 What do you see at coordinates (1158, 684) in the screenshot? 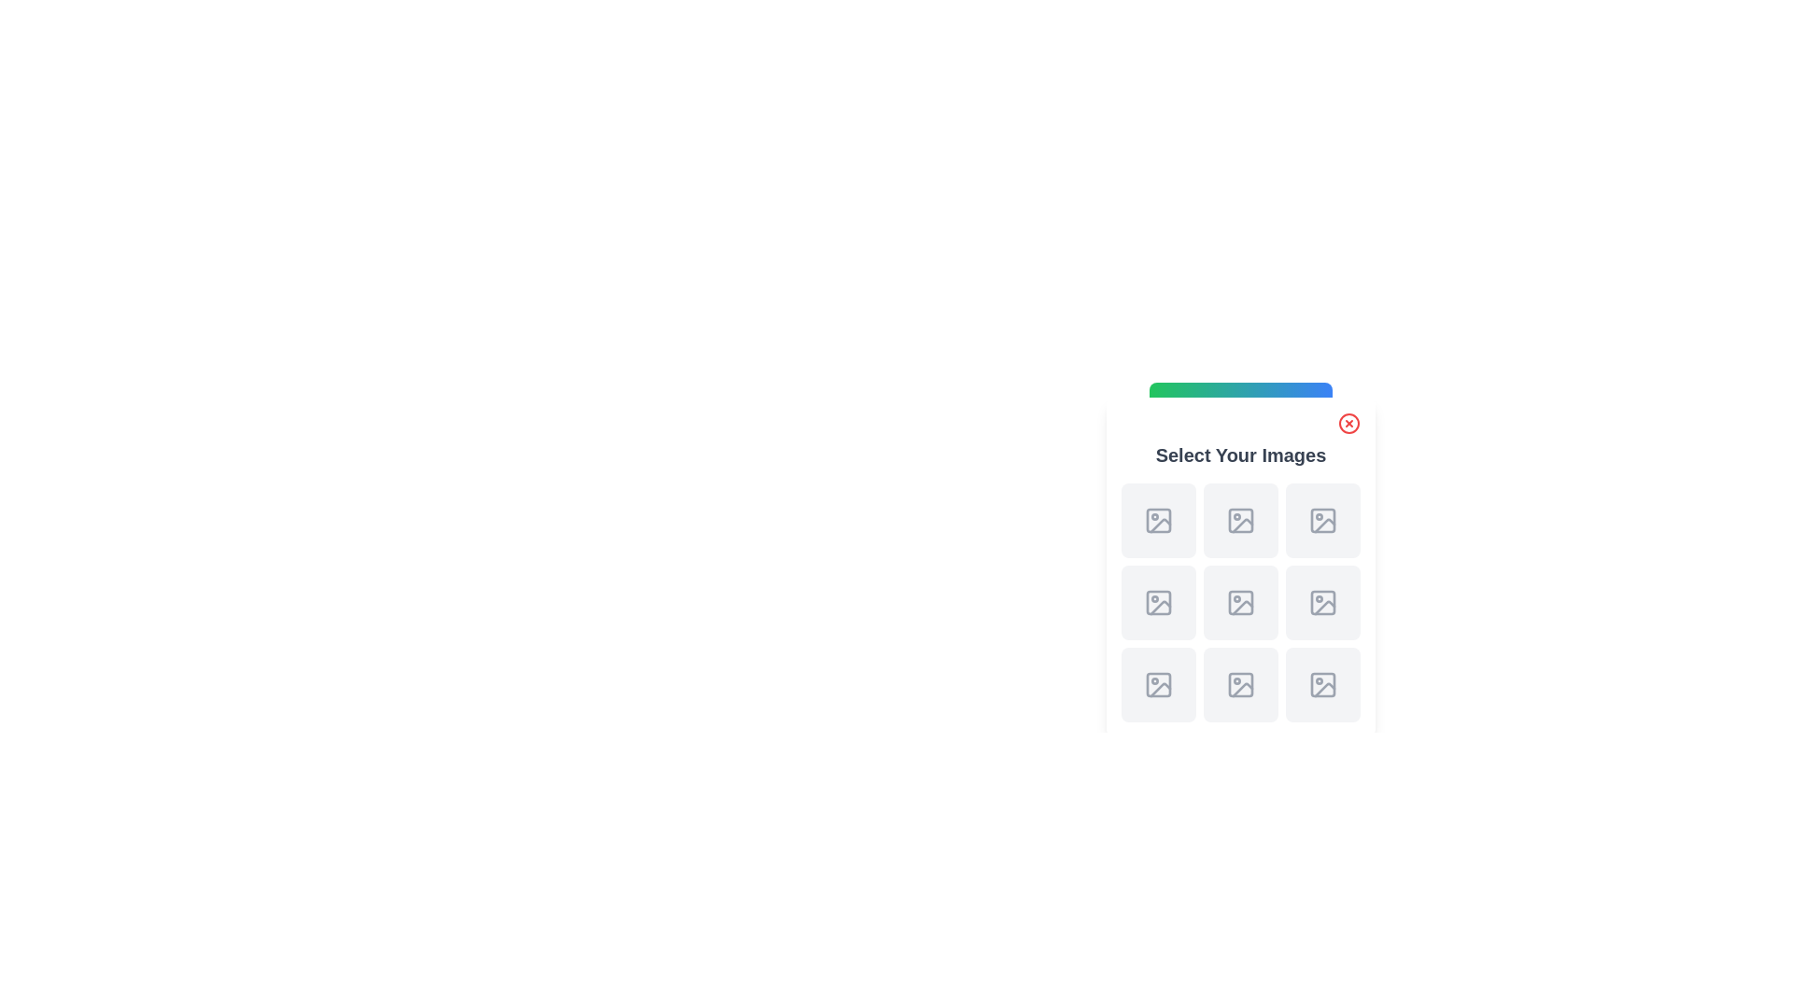
I see `the image upload button located in the bottom-left position of the 3x3 grid layout, which changes its background color for visual confirmation` at bounding box center [1158, 684].